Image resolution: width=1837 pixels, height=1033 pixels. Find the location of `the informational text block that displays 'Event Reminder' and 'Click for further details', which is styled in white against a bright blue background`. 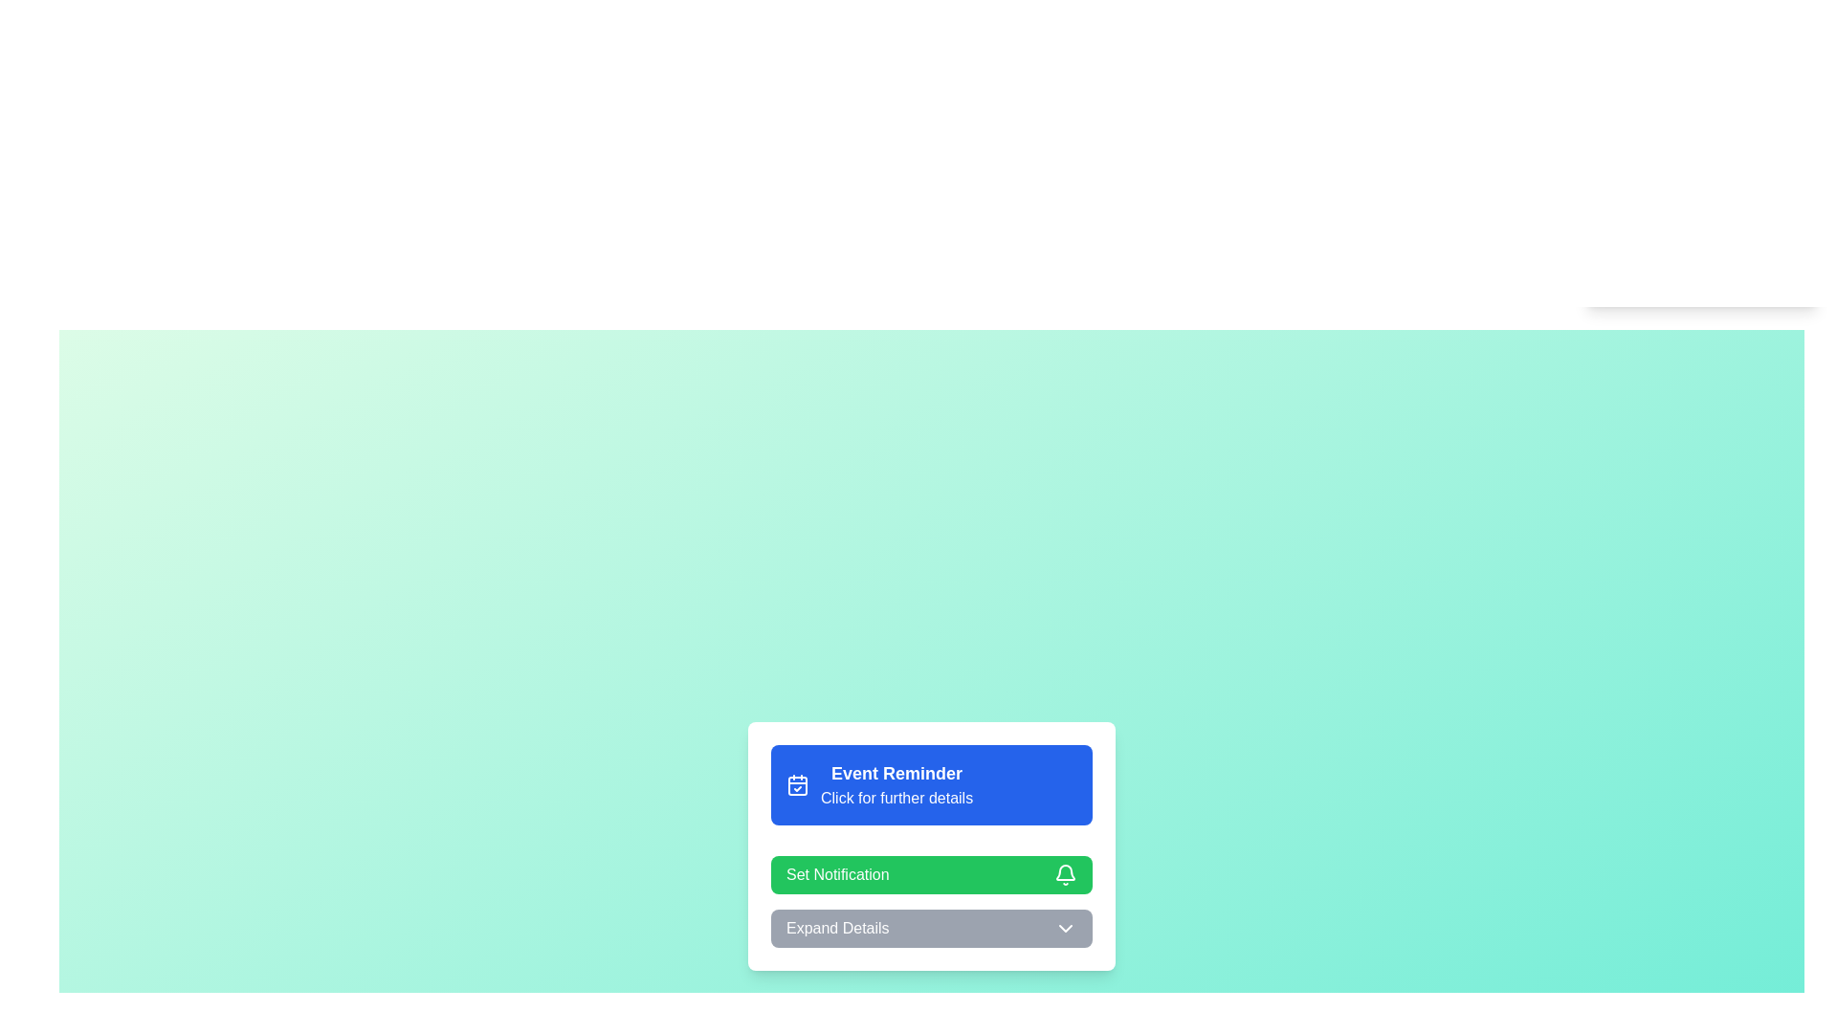

the informational text block that displays 'Event Reminder' and 'Click for further details', which is styled in white against a bright blue background is located at coordinates (896, 785).